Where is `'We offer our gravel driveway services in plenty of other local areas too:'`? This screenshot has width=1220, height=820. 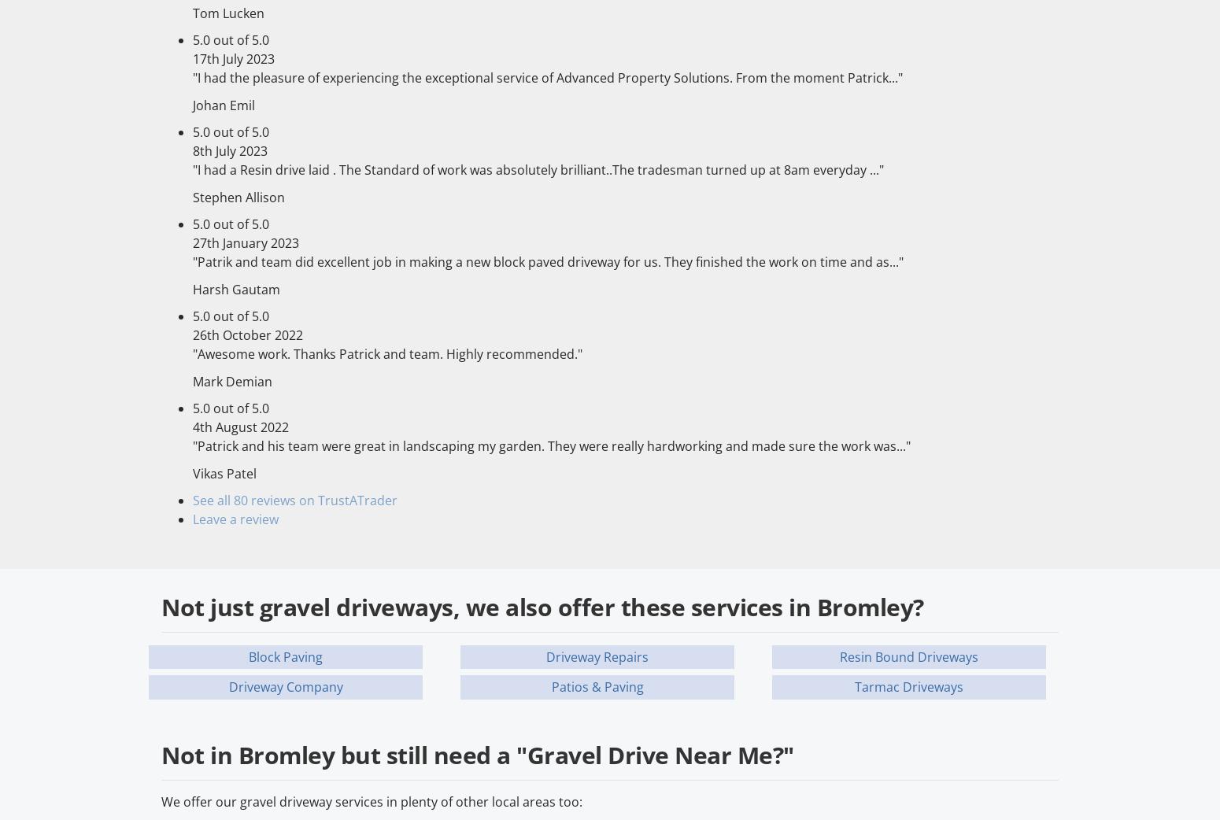 'We offer our gravel driveway services in plenty of other local areas too:' is located at coordinates (371, 801).